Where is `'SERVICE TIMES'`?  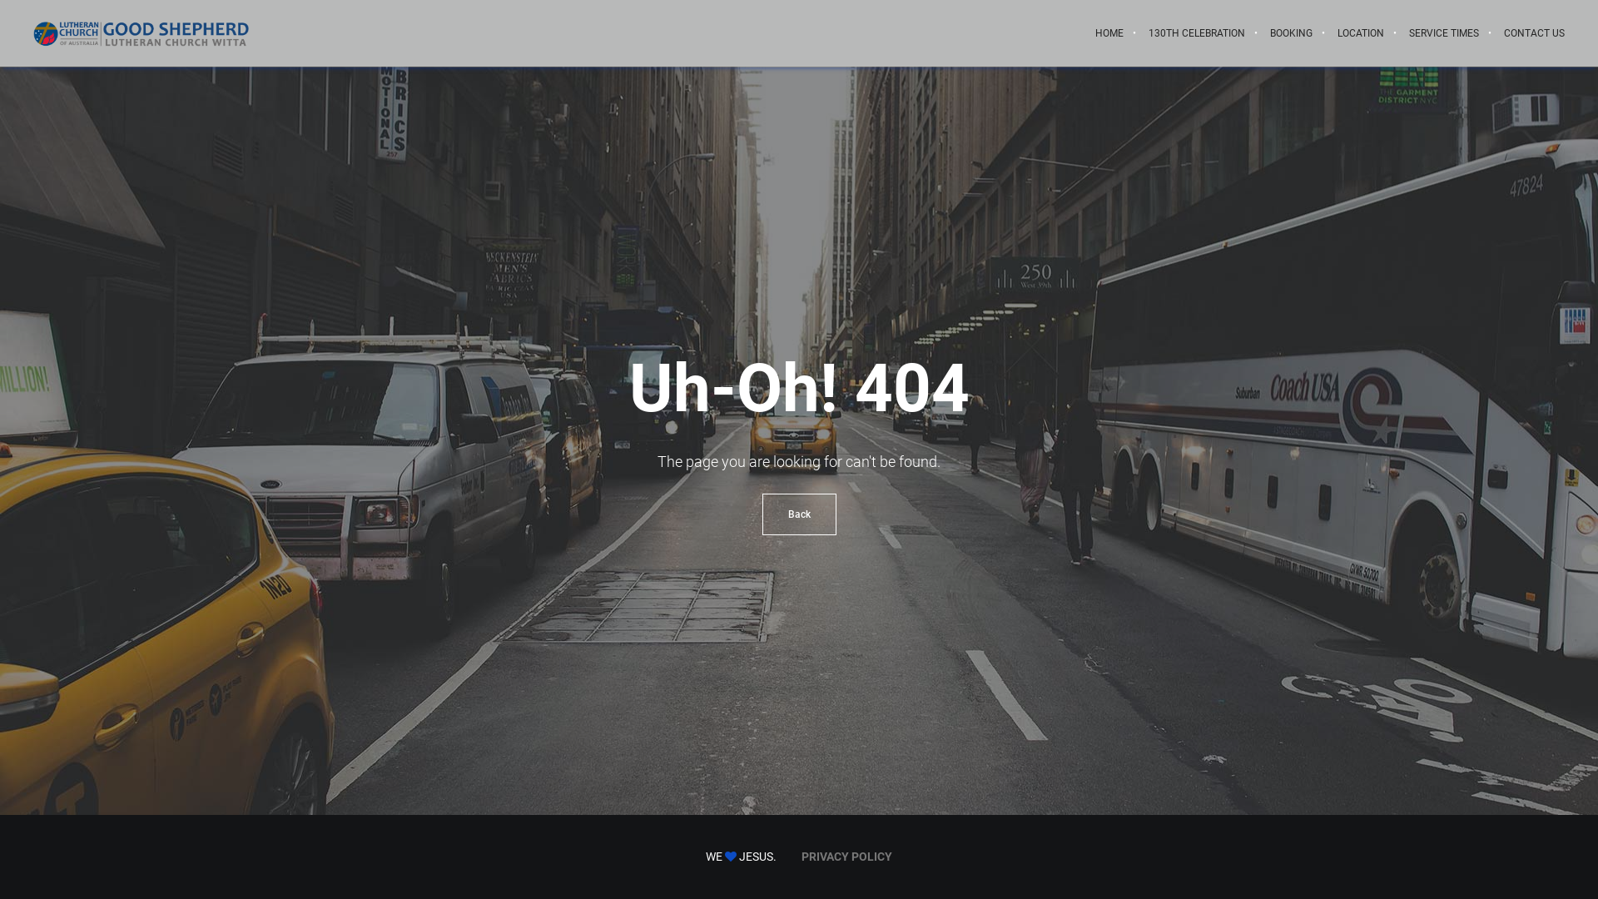
'SERVICE TIMES' is located at coordinates (1397, 32).